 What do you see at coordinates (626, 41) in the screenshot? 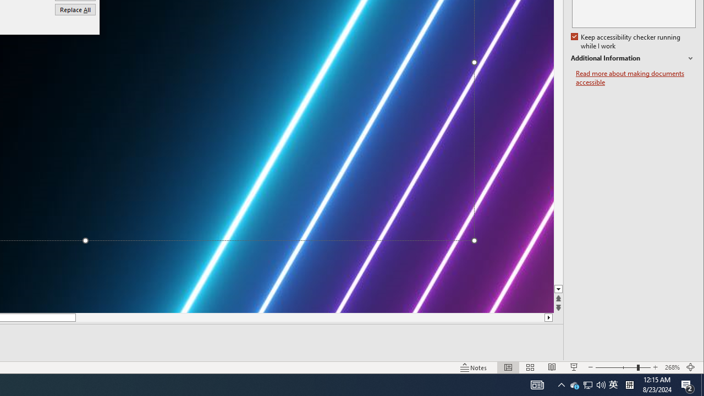
I see `'Additional Information'` at bounding box center [626, 41].